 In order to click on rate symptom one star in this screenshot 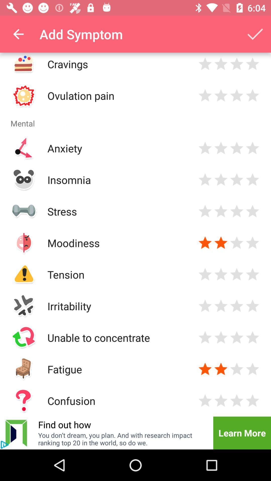, I will do `click(205, 211)`.